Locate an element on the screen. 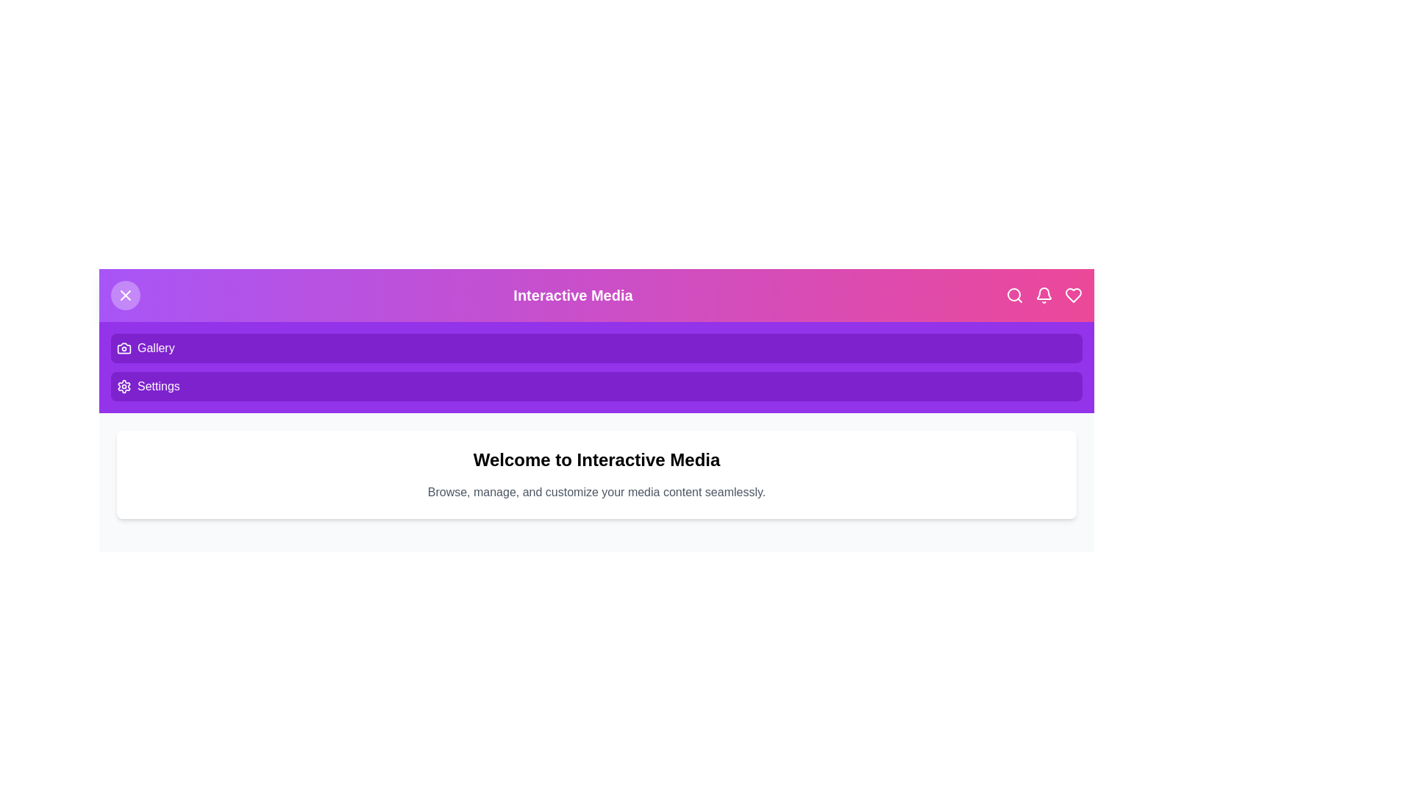 Image resolution: width=1412 pixels, height=794 pixels. the Favorites icon in the header is located at coordinates (1073, 295).